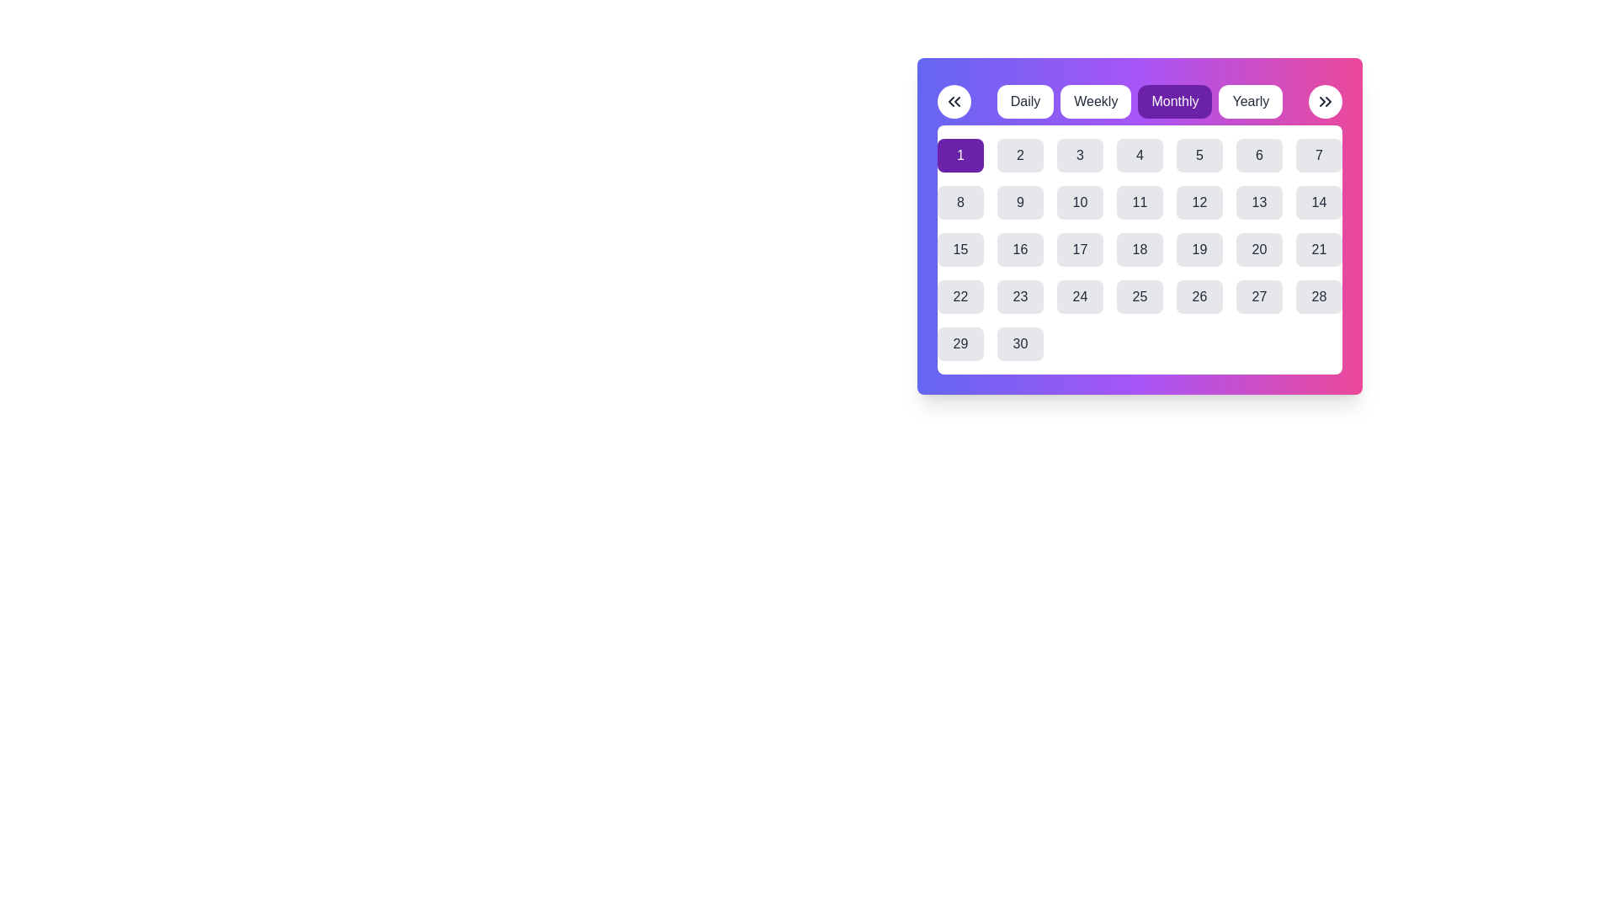 This screenshot has height=909, width=1616. What do you see at coordinates (1019, 156) in the screenshot?
I see `the button representing the 2nd day of the month in the calendar interface` at bounding box center [1019, 156].